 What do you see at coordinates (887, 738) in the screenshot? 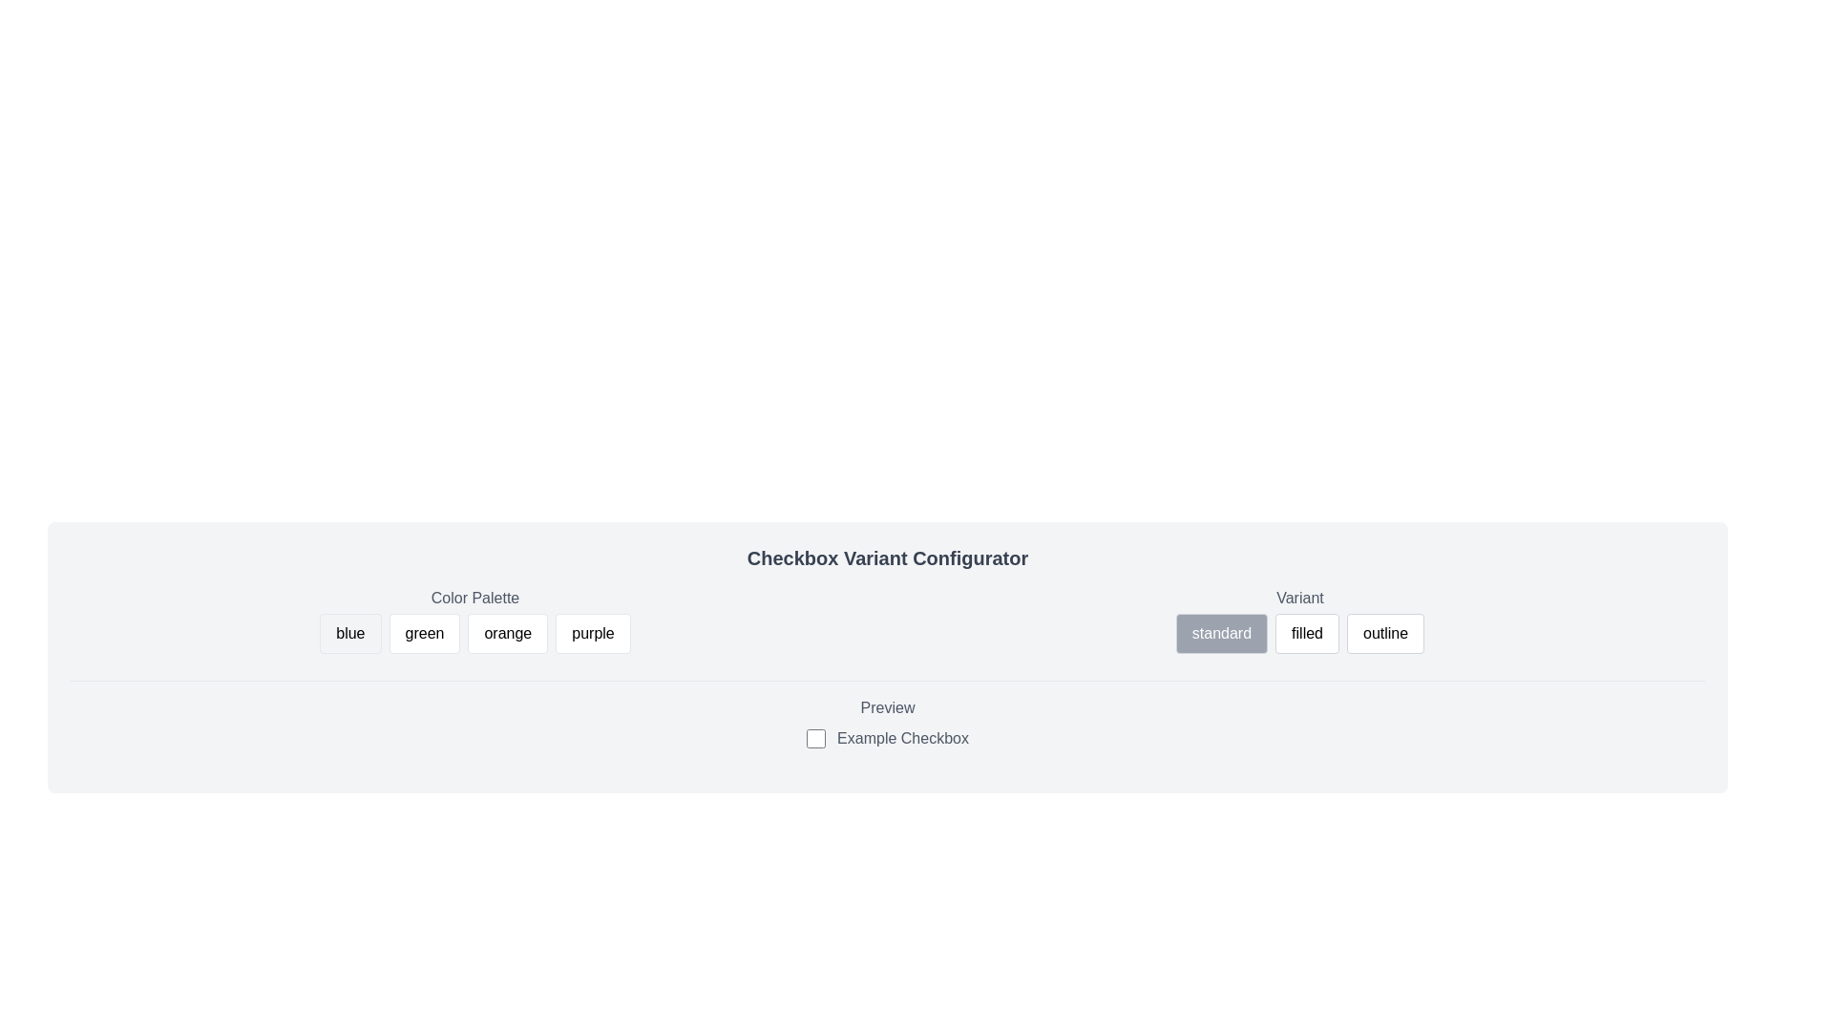
I see `the checkbox labeled 'Example Checkbox', which has rounded corners and a blue border, located in the lower-central part of the interface within the 'Preview' section` at bounding box center [887, 738].